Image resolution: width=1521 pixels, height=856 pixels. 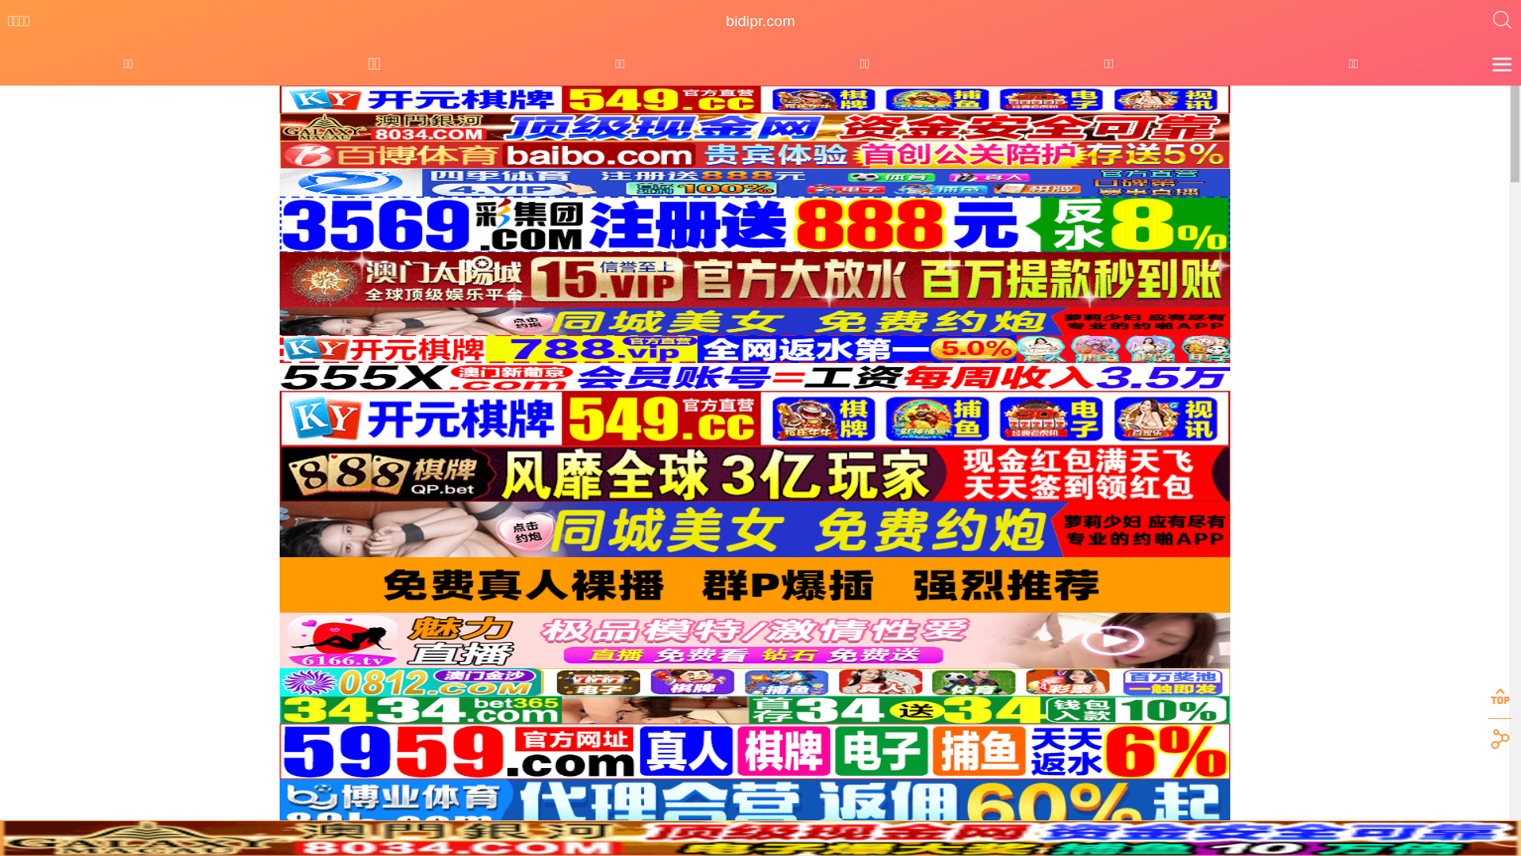 I want to click on 'bidipr.com', so click(x=725, y=21).